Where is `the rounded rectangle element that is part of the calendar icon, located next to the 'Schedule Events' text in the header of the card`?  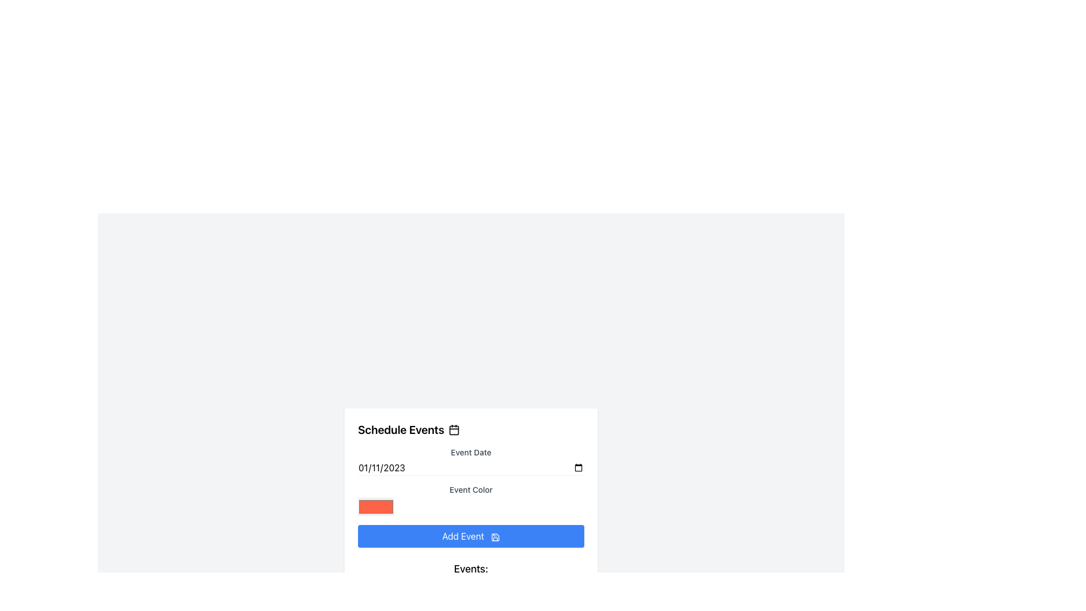 the rounded rectangle element that is part of the calendar icon, located next to the 'Schedule Events' text in the header of the card is located at coordinates (454, 430).